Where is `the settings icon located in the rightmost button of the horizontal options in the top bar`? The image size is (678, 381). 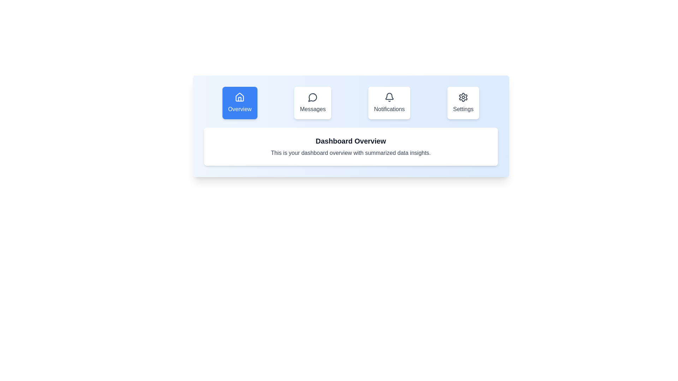 the settings icon located in the rightmost button of the horizontal options in the top bar is located at coordinates (463, 97).